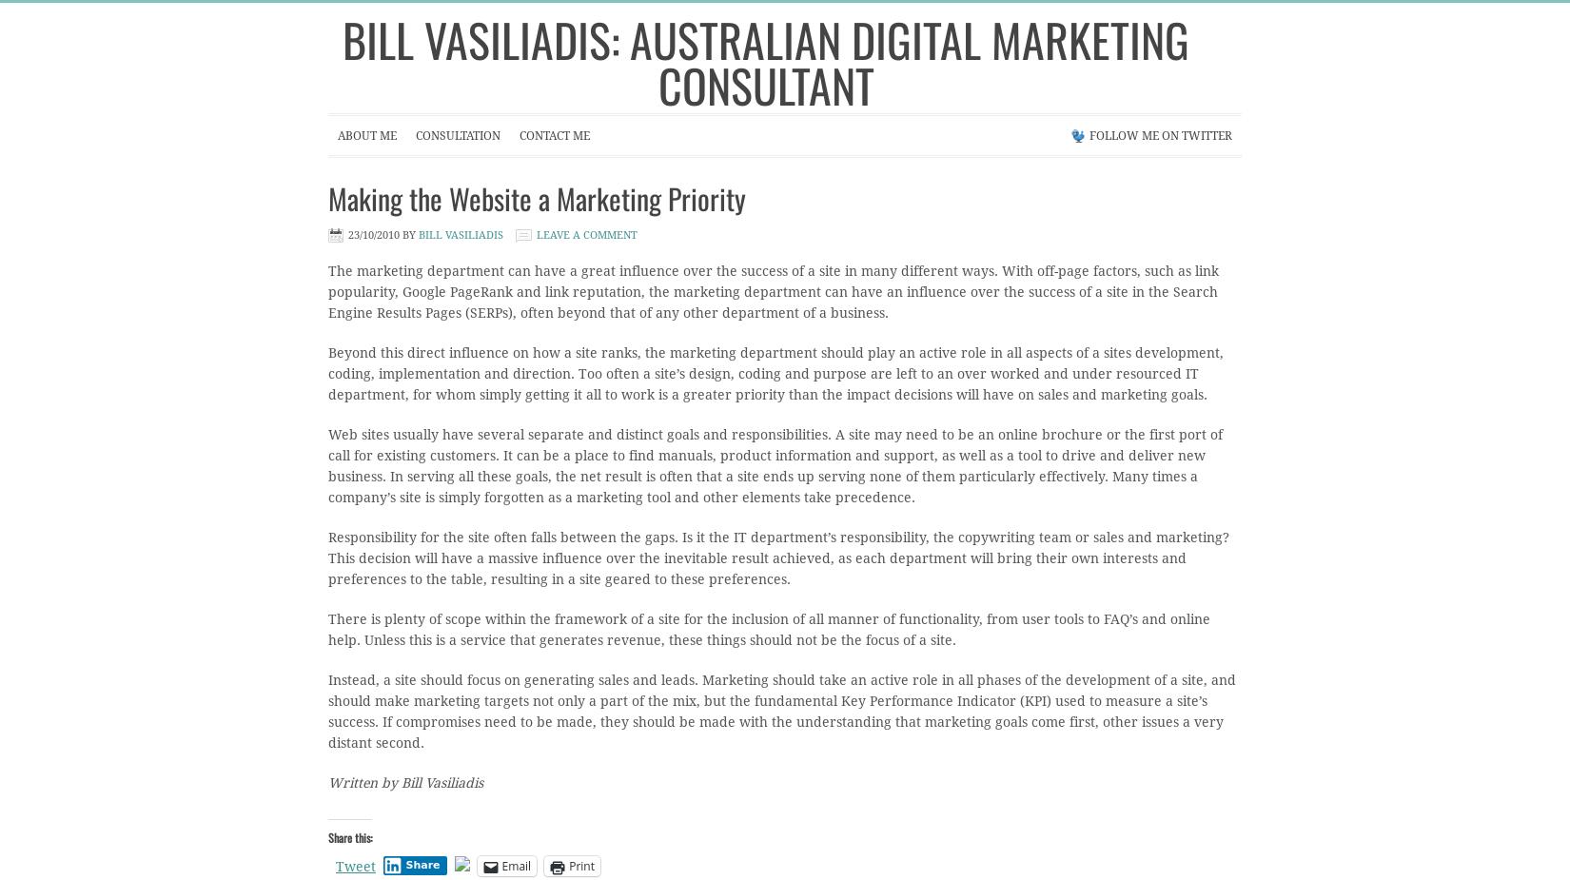 The width and height of the screenshot is (1570, 880). Describe the element at coordinates (407, 234) in the screenshot. I see `'by'` at that location.